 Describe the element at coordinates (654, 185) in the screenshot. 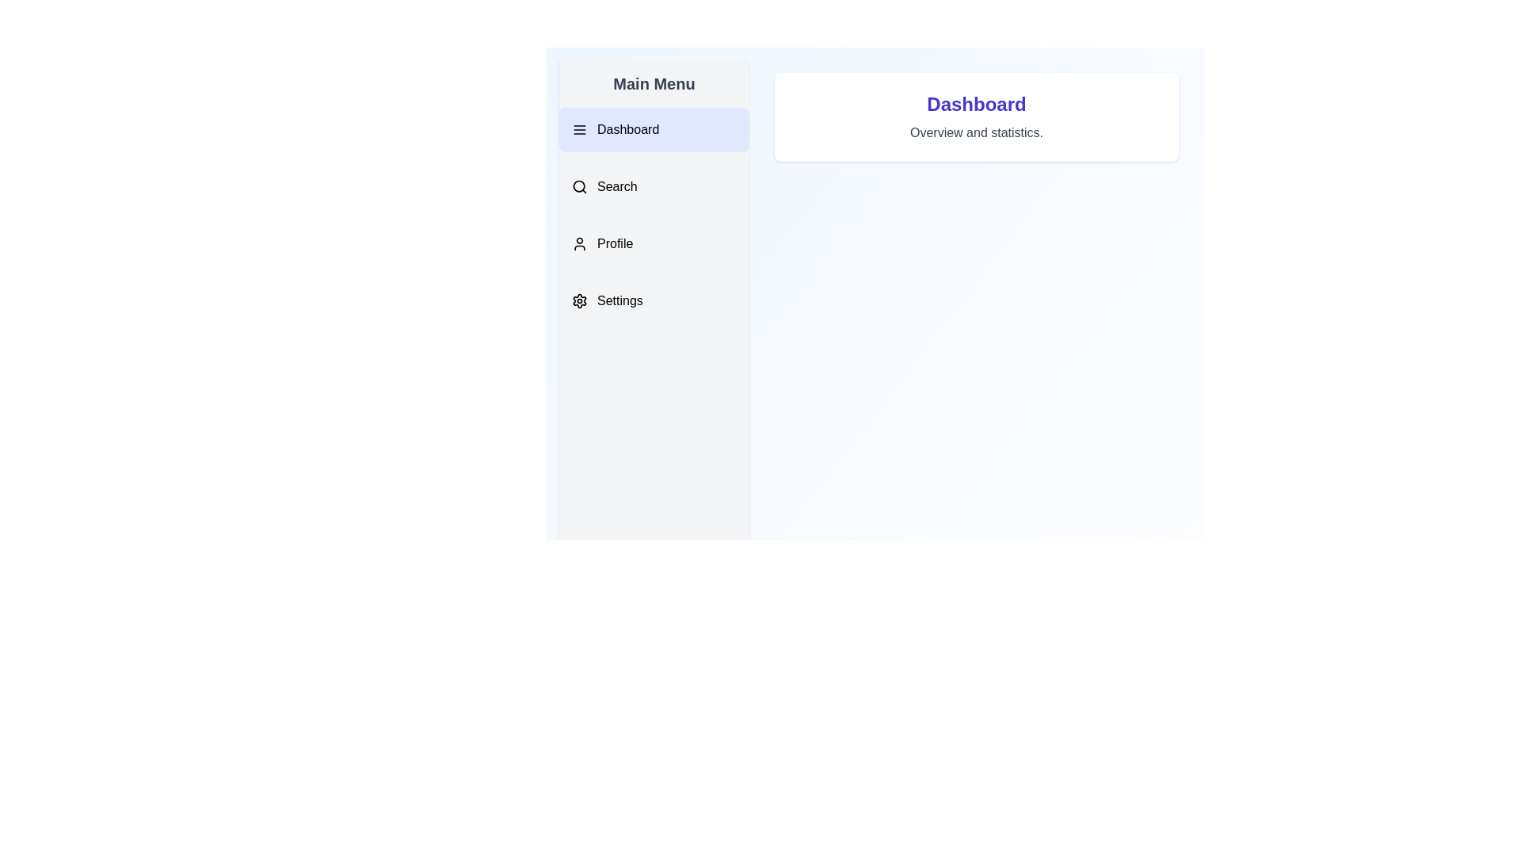

I see `the menu item Search to highlight it` at that location.